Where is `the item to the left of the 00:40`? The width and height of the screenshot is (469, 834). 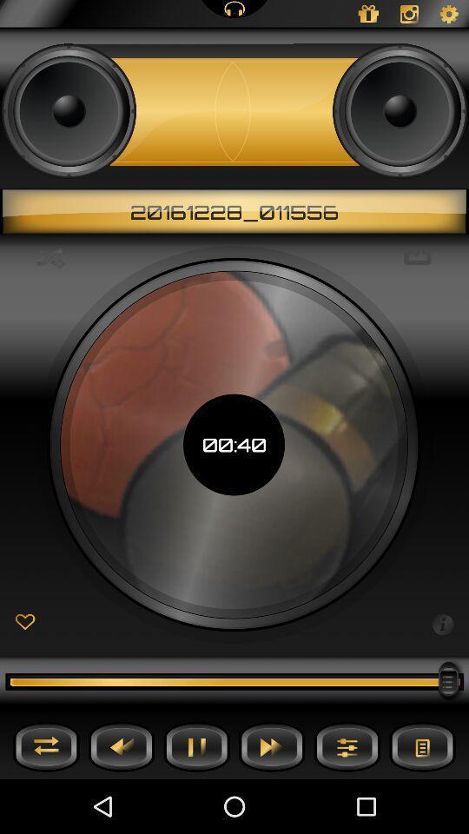
the item to the left of the 00:40 is located at coordinates (50, 256).